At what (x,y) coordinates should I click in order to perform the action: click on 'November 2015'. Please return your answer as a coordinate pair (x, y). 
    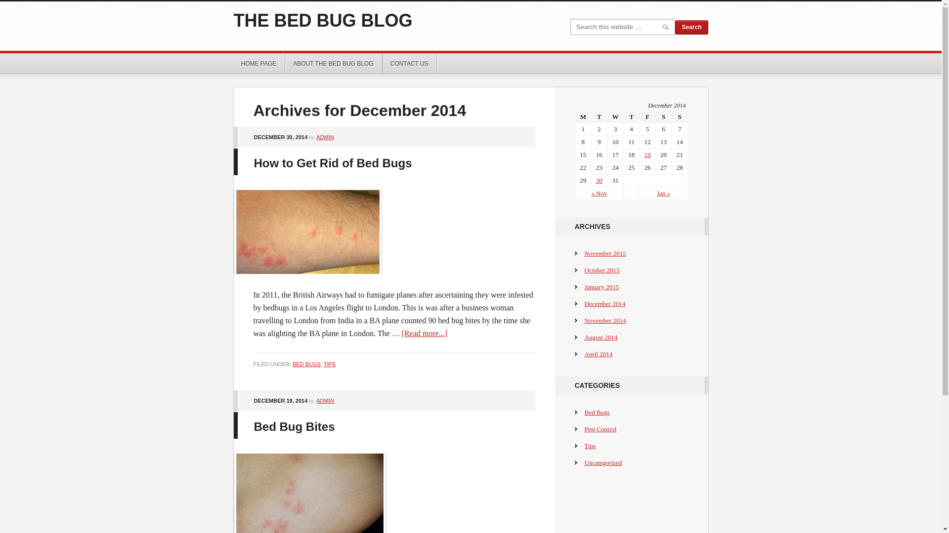
    Looking at the image, I should click on (604, 253).